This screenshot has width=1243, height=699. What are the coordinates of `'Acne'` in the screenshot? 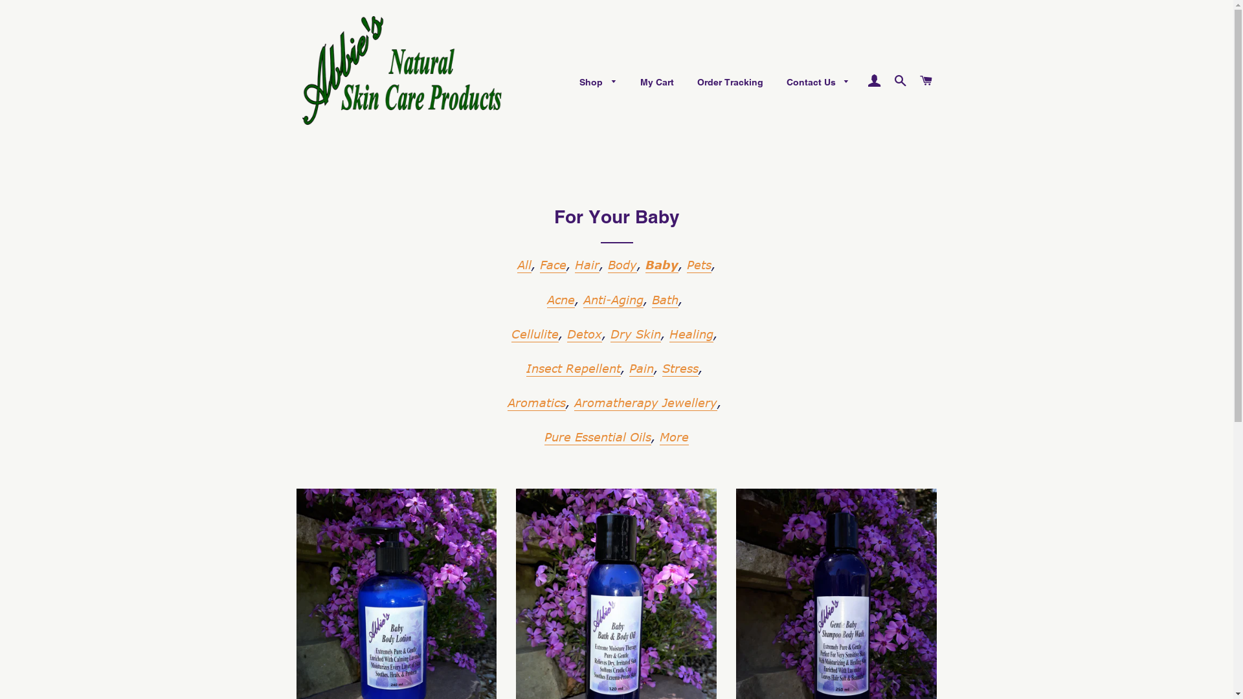 It's located at (560, 300).